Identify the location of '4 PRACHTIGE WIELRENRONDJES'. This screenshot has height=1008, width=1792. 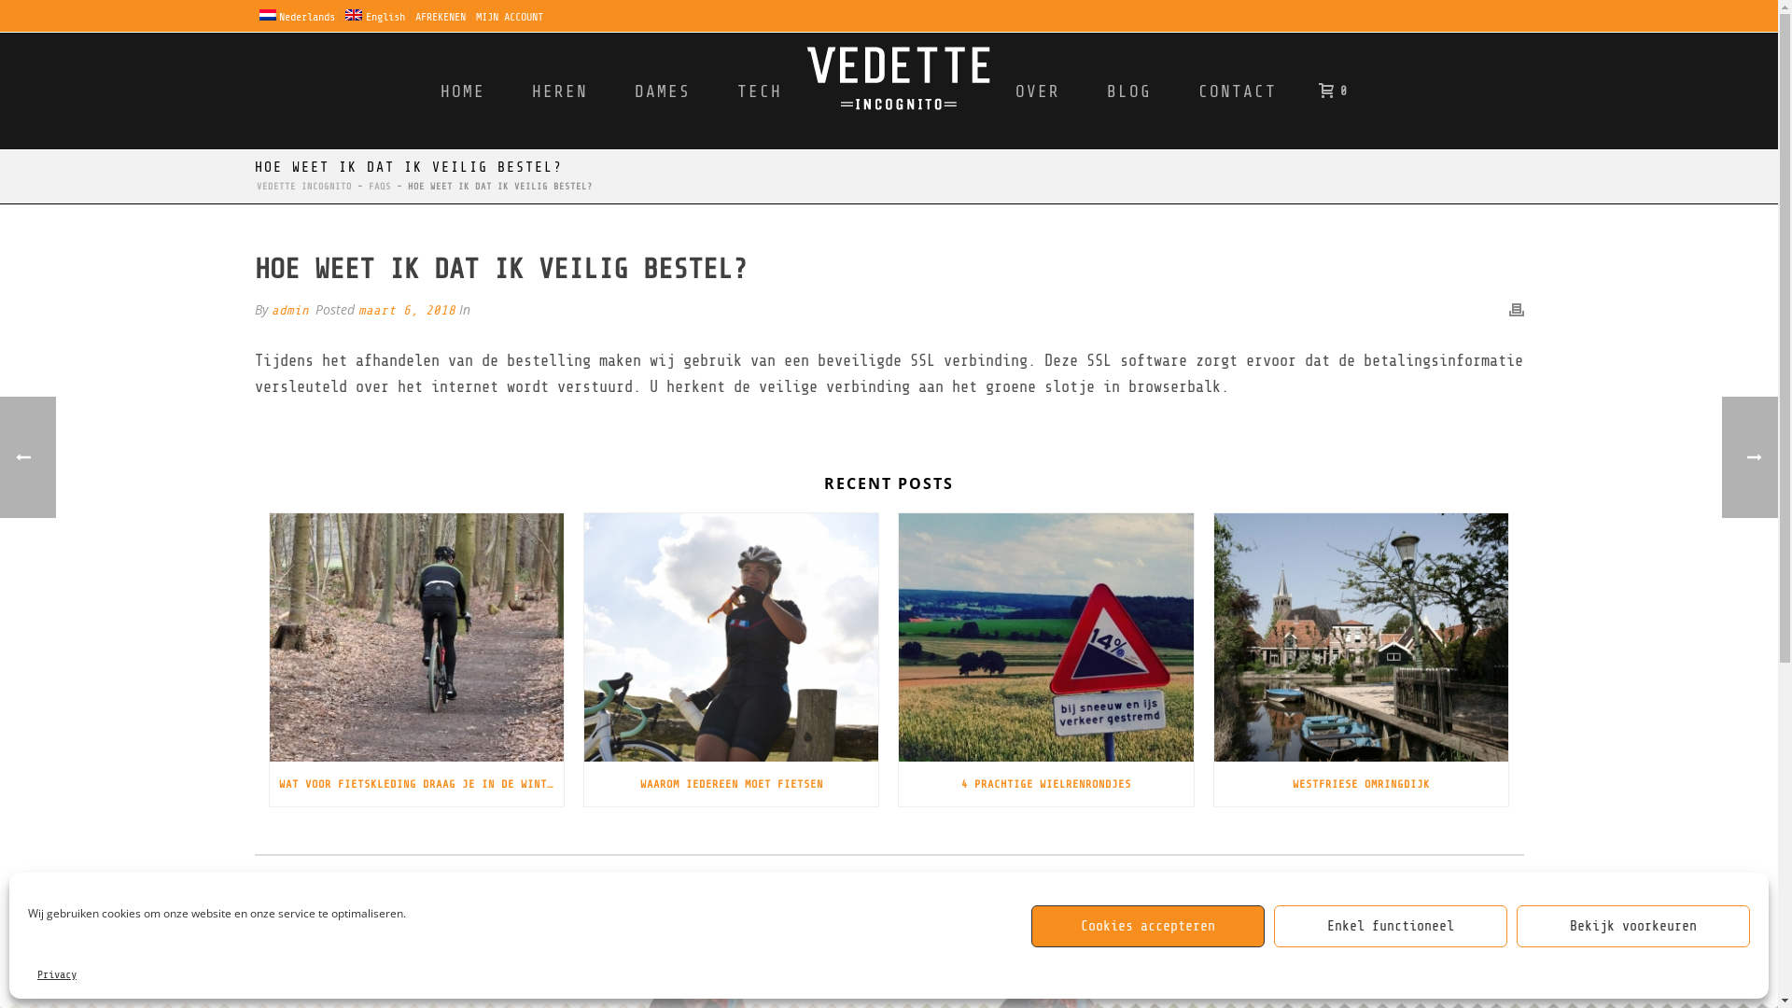
(1045, 784).